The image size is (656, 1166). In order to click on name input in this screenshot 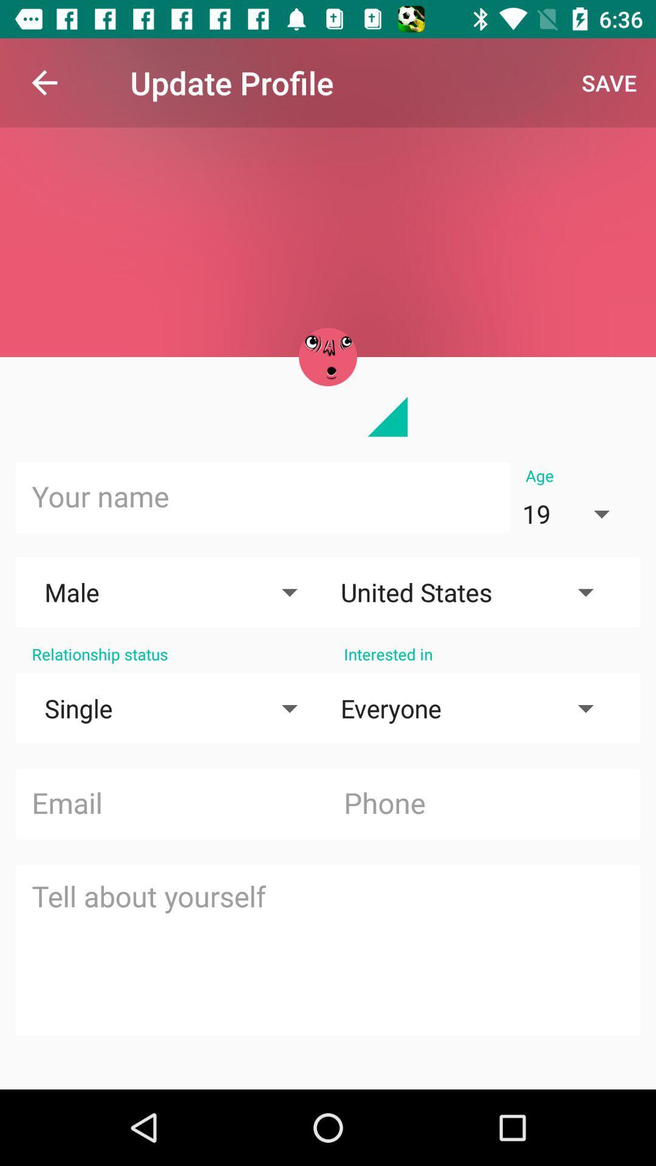, I will do `click(262, 497)`.